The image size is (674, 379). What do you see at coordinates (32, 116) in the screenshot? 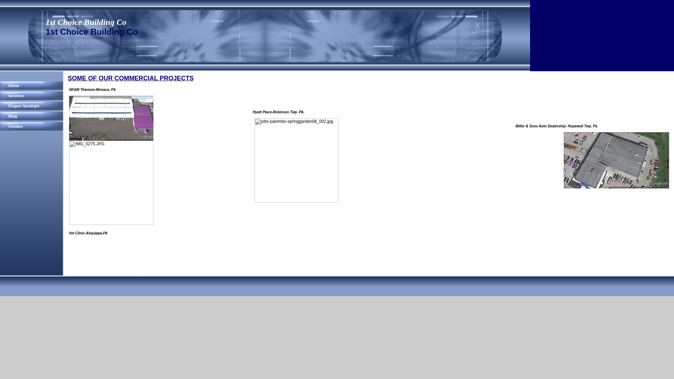
I see `'Blog'` at bounding box center [32, 116].